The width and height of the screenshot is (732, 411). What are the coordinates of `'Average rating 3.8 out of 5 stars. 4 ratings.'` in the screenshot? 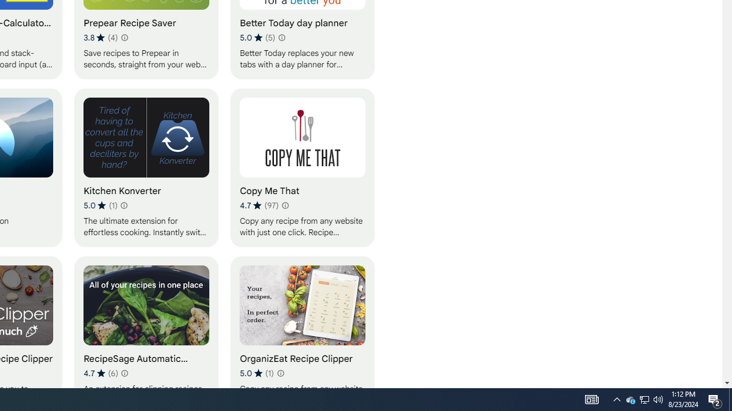 It's located at (101, 37).